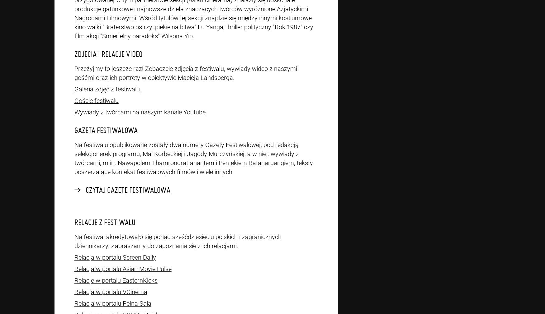 The image size is (545, 314). Describe the element at coordinates (112, 303) in the screenshot. I see `'Relacja w portalu Pełna Sala'` at that location.